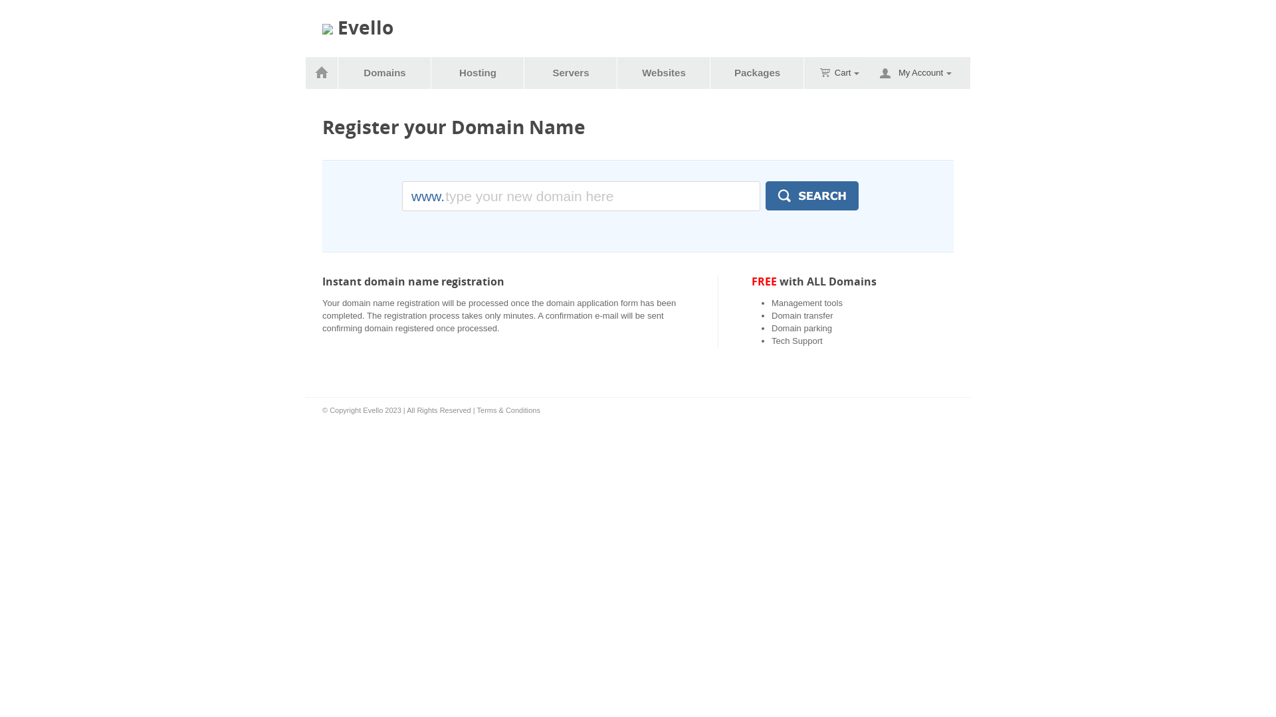 The image size is (1276, 717). I want to click on 'Domains', so click(384, 73).